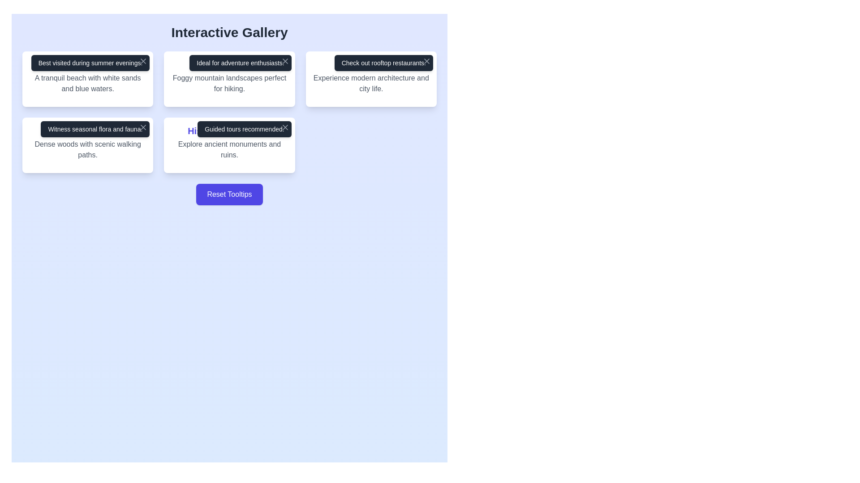 The image size is (860, 483). I want to click on the close icon located at the top right corner of the 'Best visited during summer evenings' card, so click(143, 61).